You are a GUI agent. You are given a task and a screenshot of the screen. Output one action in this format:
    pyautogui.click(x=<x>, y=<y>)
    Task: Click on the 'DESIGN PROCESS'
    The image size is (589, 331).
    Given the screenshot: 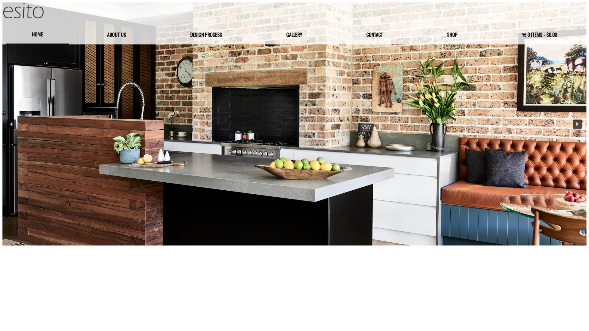 What is the action you would take?
    pyautogui.click(x=206, y=34)
    